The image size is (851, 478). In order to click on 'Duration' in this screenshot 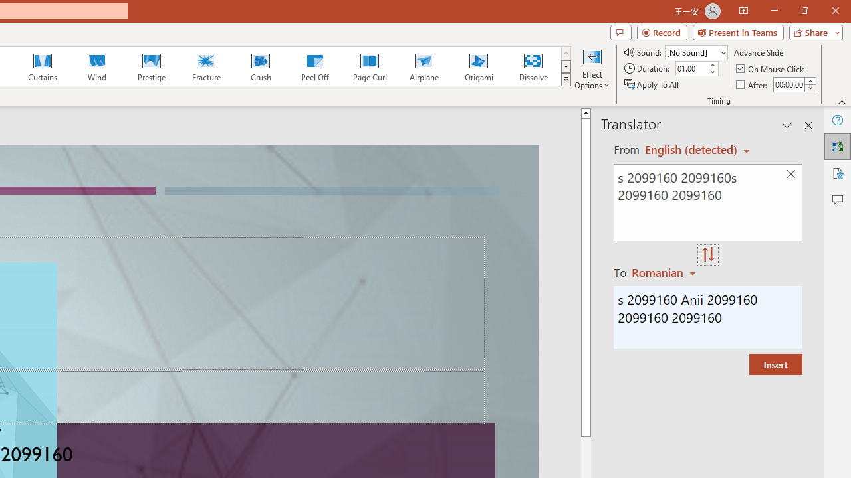, I will do `click(691, 68)`.